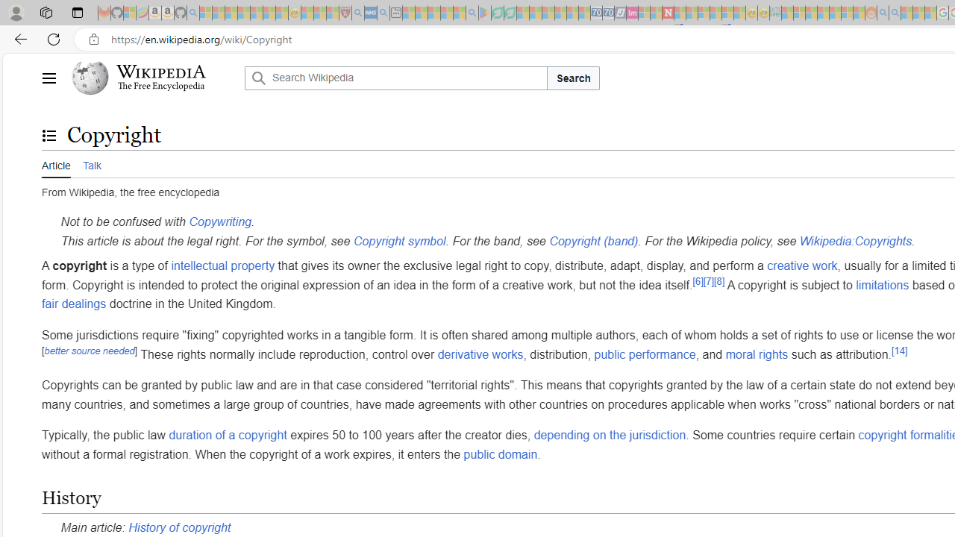  I want to click on 'duration of a copyright', so click(227, 436).